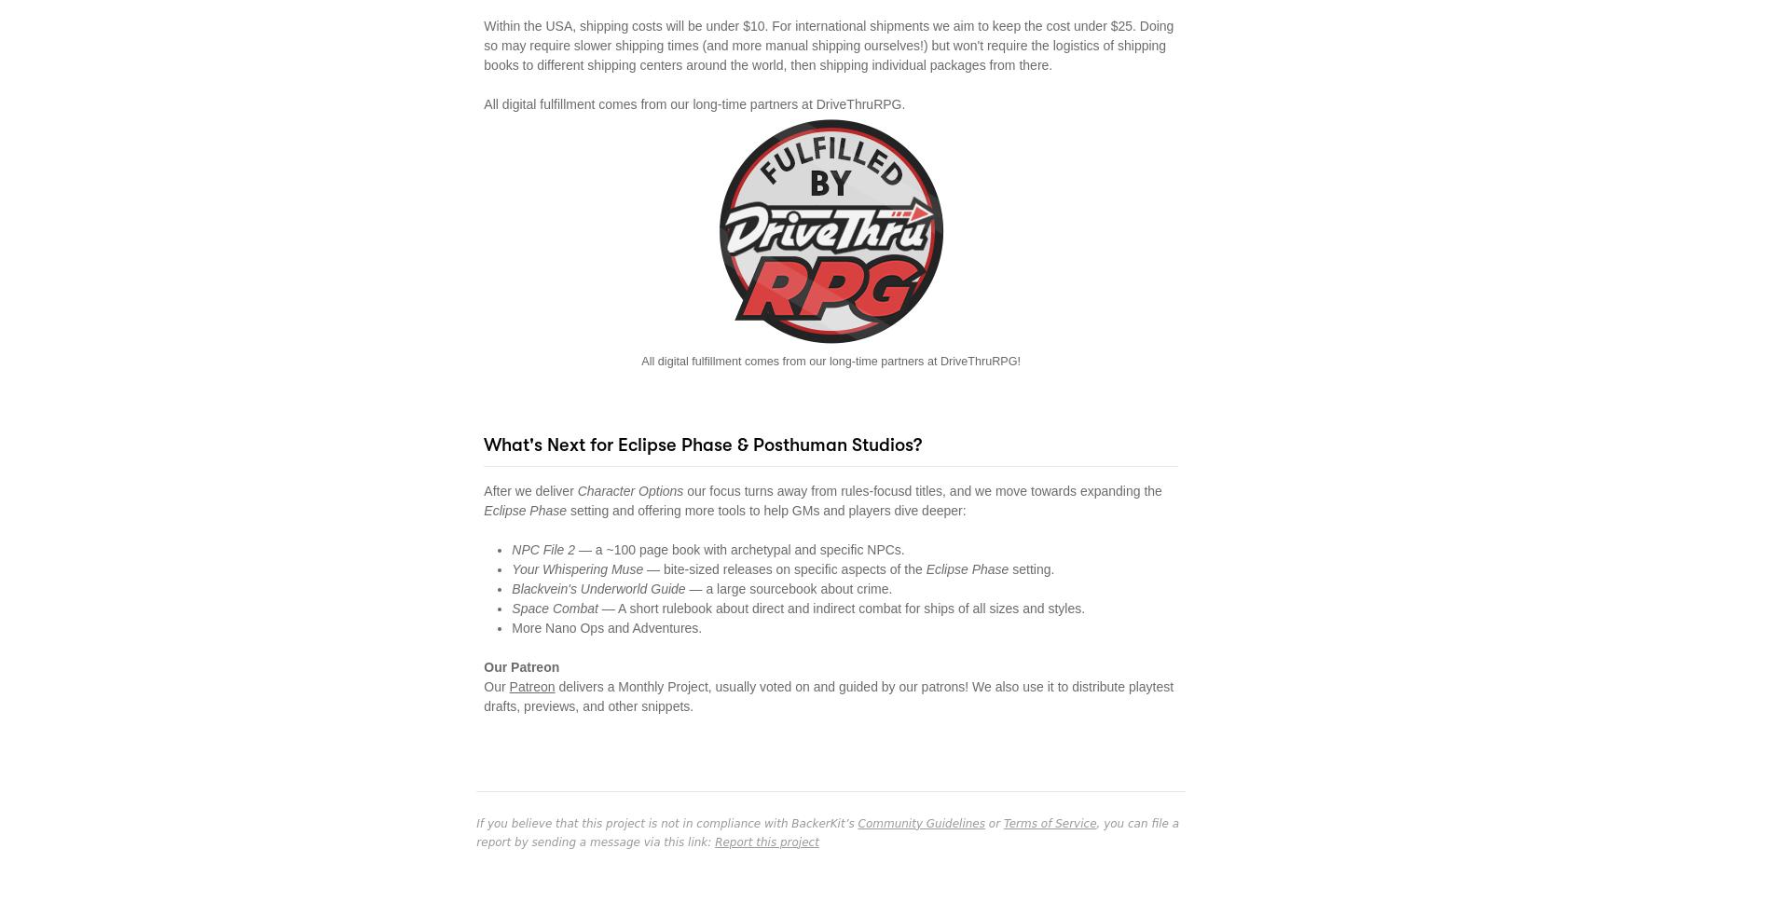  I want to click on 'Space Combat', so click(555, 607).